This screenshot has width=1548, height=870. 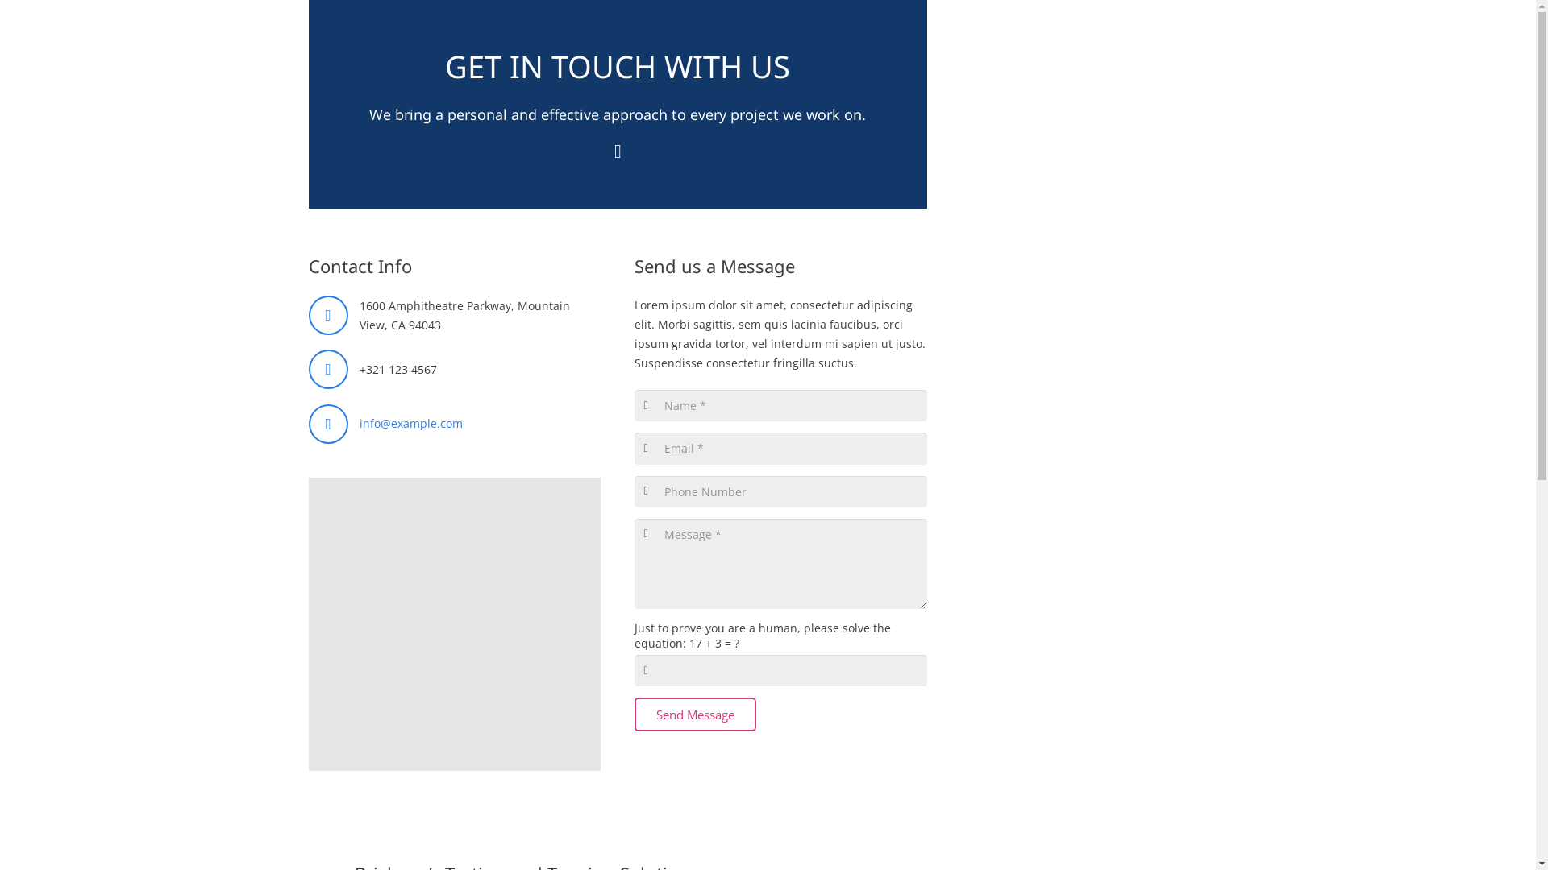 I want to click on 'info@example.com', so click(x=410, y=422).